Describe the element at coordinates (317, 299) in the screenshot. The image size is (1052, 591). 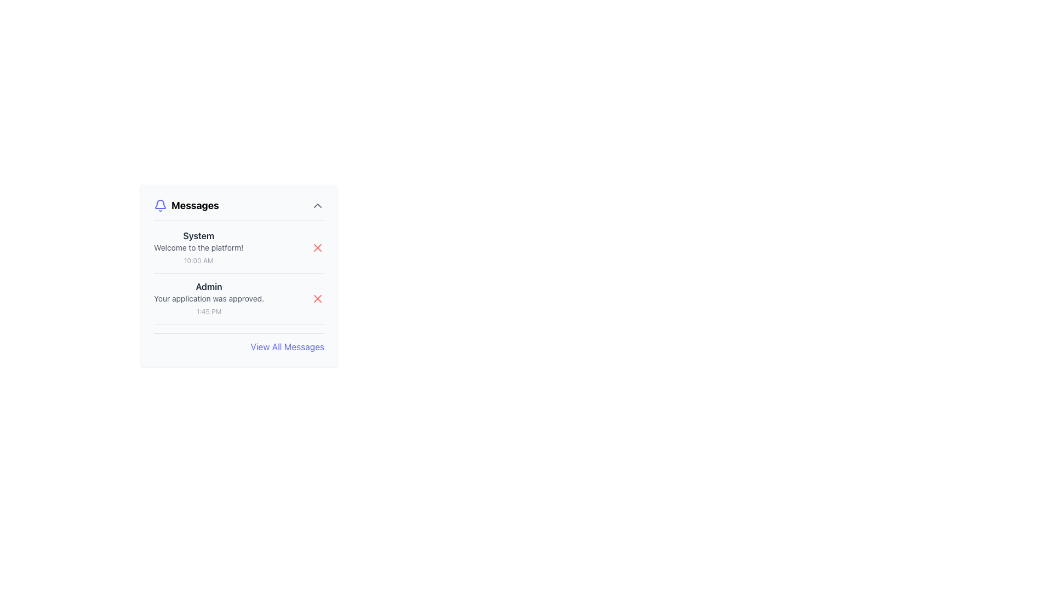
I see `the dismissal button located in the bottom message entry block, aligned horizontally to the right of the message text to observe the style change` at that location.